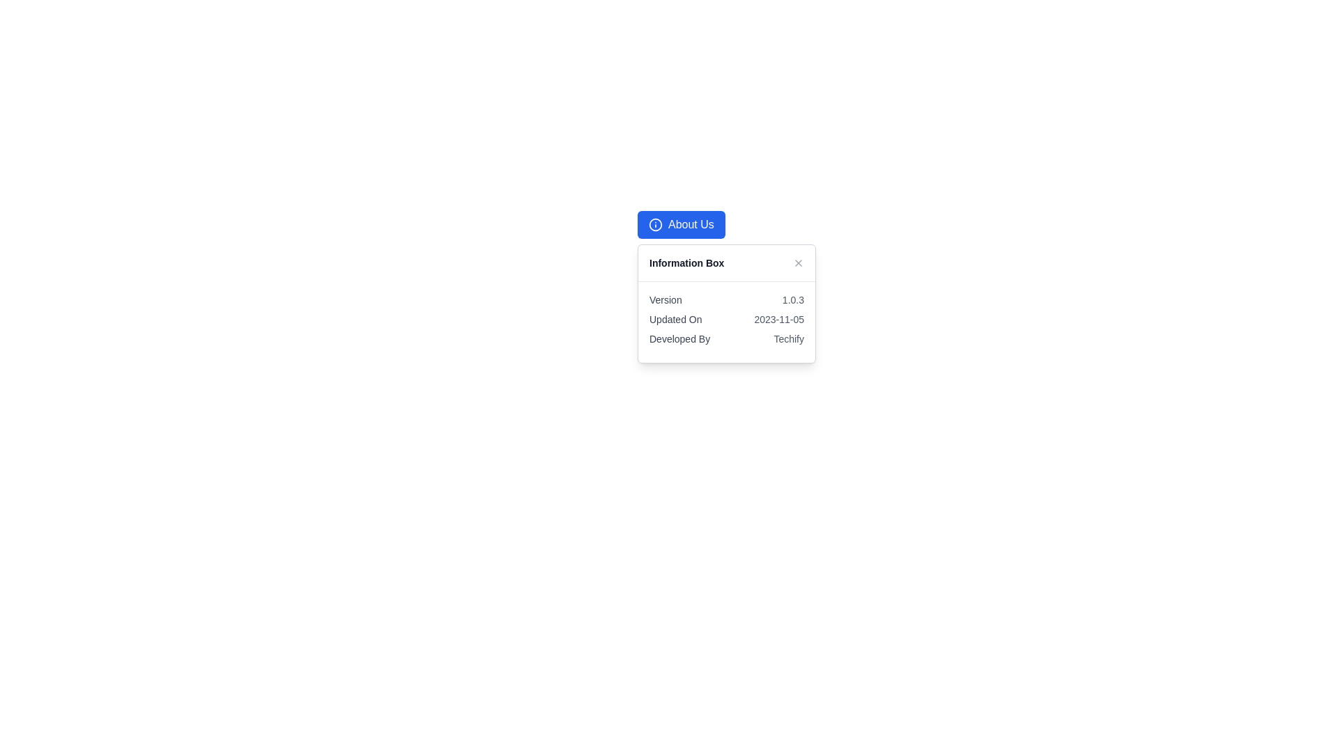  Describe the element at coordinates (679, 338) in the screenshot. I see `the text label that reads 'Developed By', which is styled in a small, bold font and is medium gray in color, located above the label 'Techify' within the 'Information Box'` at that location.